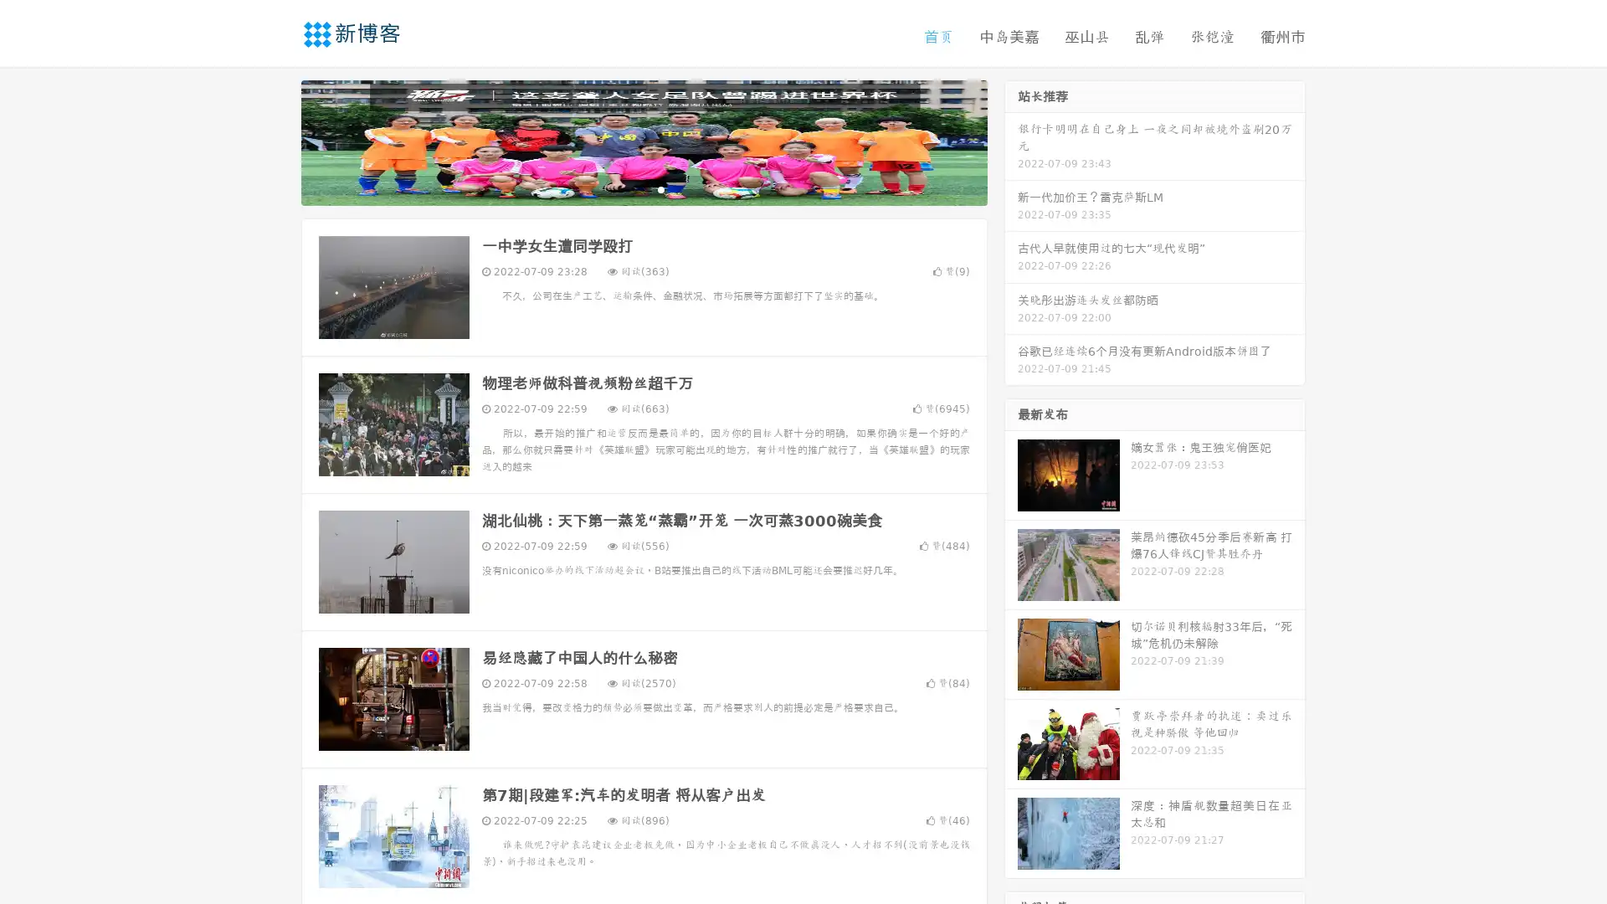  I want to click on Go to slide 2, so click(643, 188).